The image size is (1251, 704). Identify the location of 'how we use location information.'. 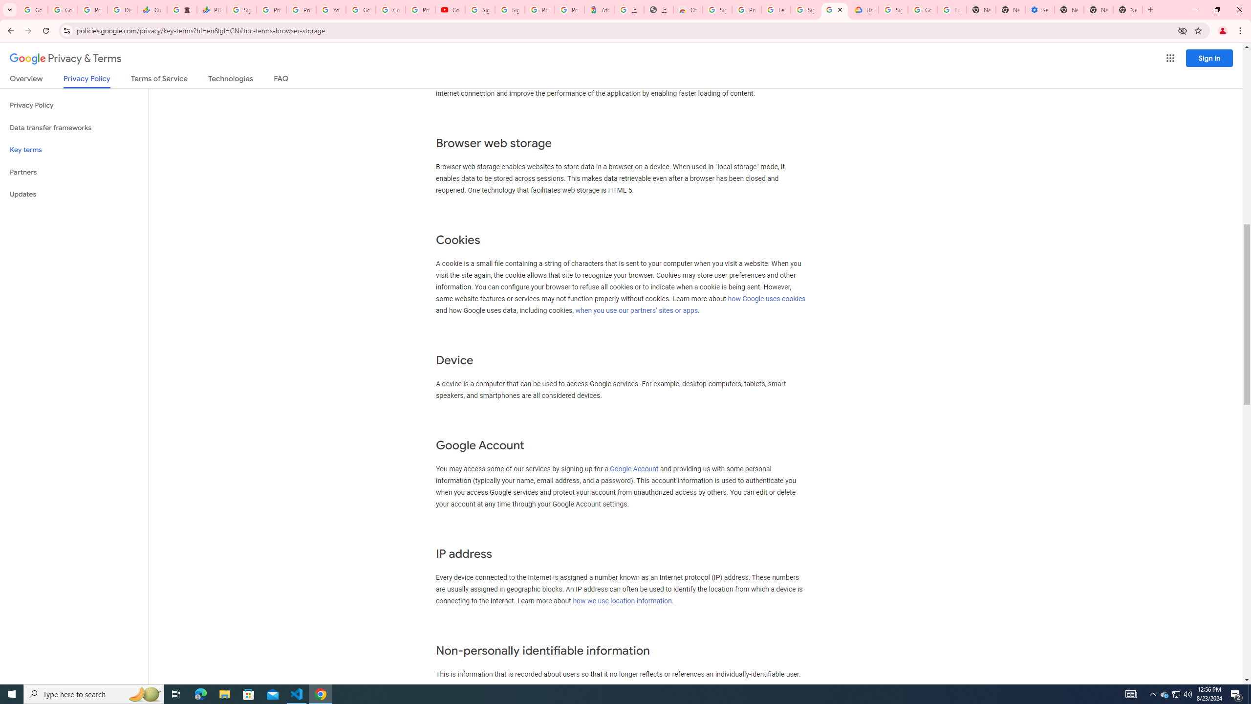
(623, 601).